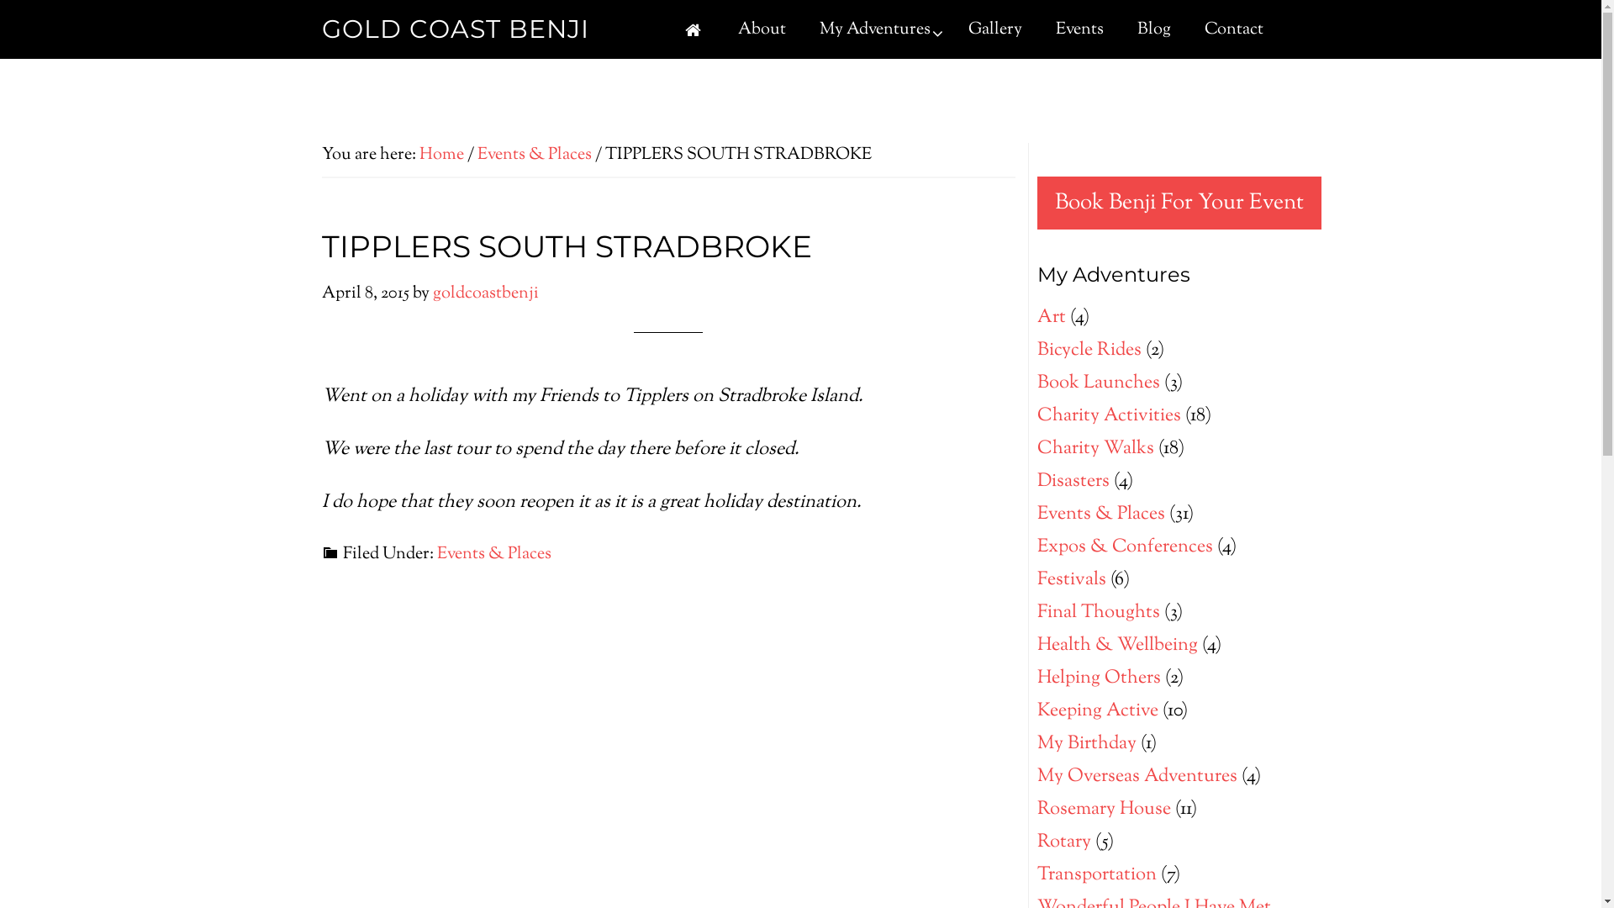 Image resolution: width=1614 pixels, height=908 pixels. I want to click on 'My Overseas Adventures', so click(1036, 777).